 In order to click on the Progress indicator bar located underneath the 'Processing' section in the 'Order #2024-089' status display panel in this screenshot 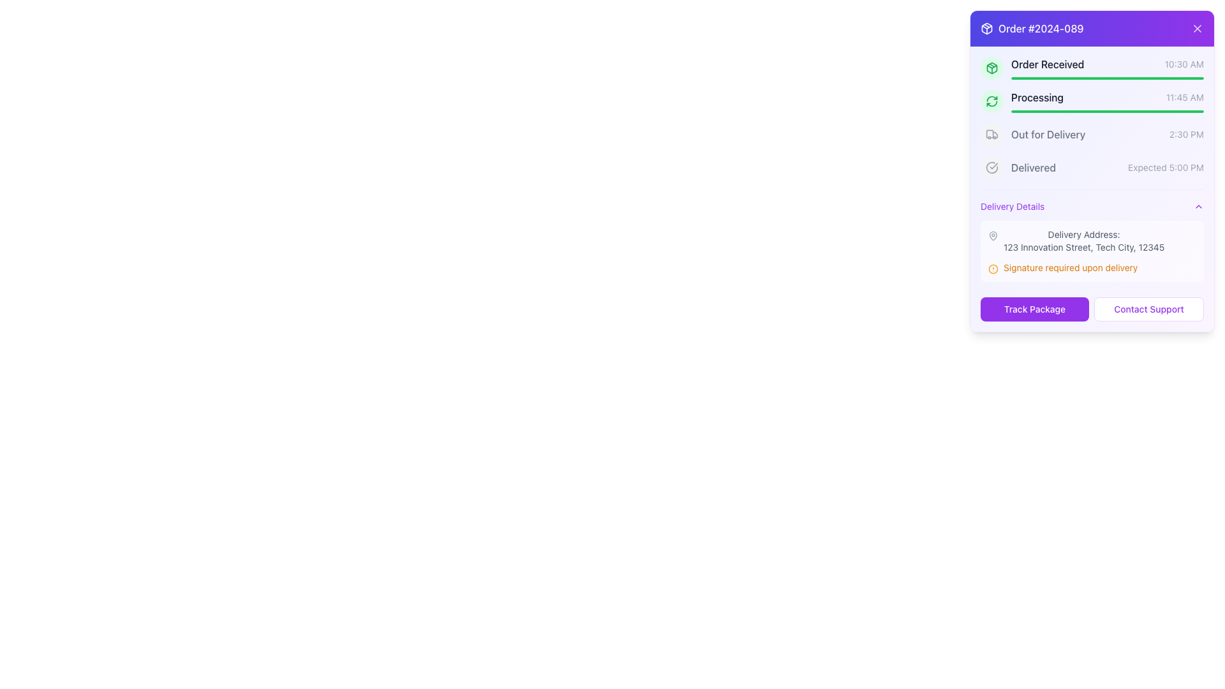, I will do `click(1107, 110)`.